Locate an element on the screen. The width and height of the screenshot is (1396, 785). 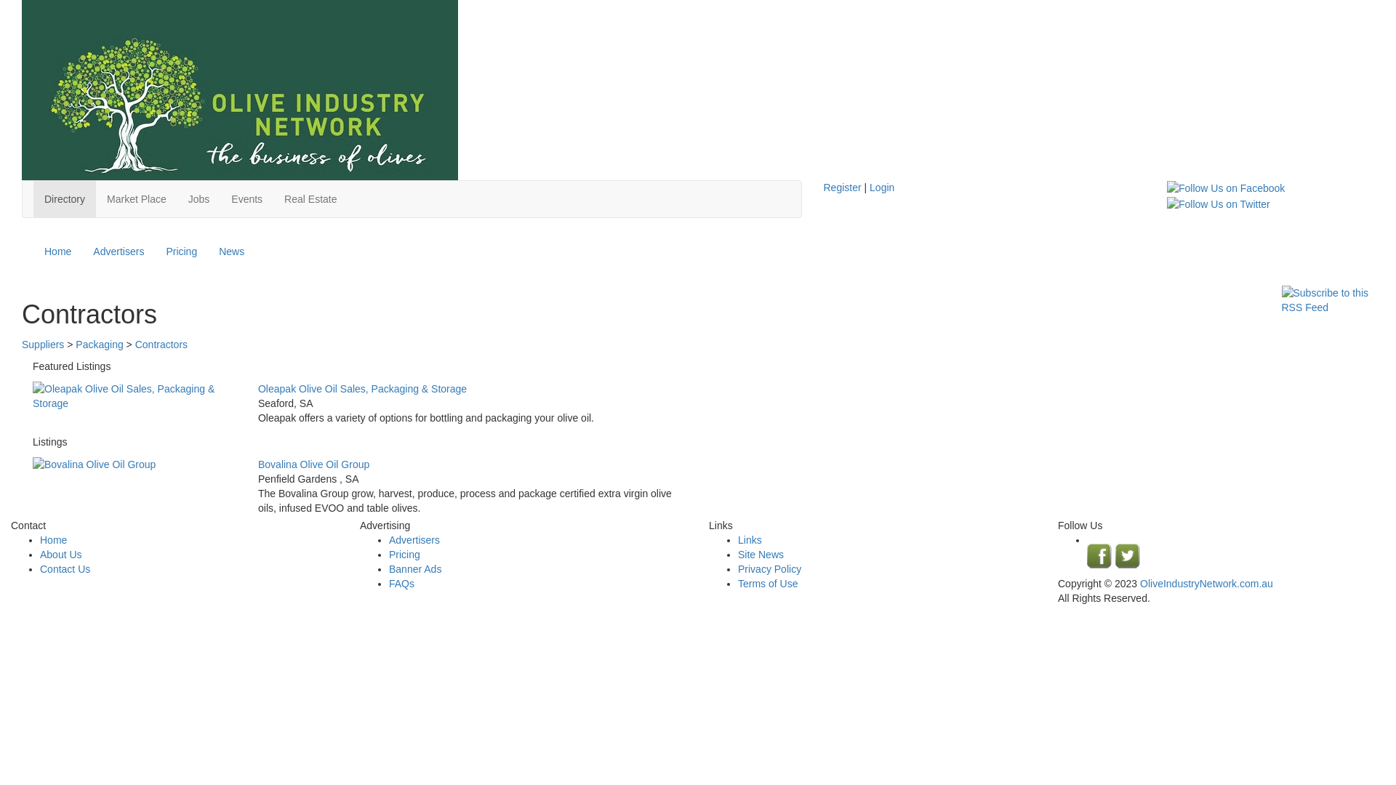
'Links' is located at coordinates (750, 540).